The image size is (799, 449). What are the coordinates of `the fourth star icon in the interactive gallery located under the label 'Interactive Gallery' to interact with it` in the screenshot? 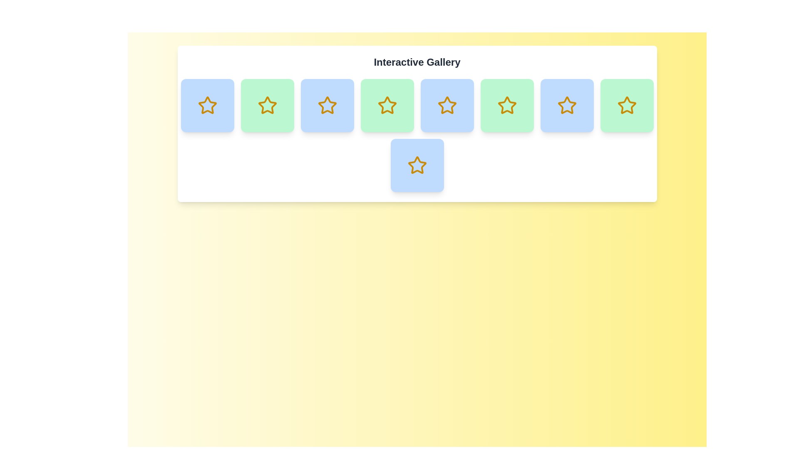 It's located at (447, 105).